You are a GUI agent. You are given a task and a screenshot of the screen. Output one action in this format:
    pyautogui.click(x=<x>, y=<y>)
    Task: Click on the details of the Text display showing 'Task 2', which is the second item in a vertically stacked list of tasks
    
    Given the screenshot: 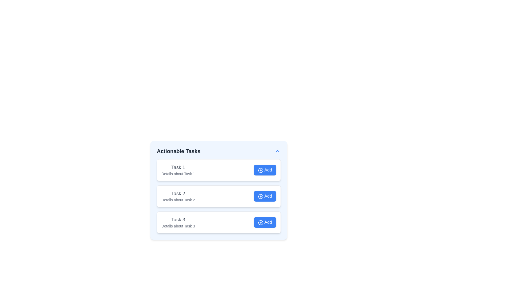 What is the action you would take?
    pyautogui.click(x=178, y=196)
    